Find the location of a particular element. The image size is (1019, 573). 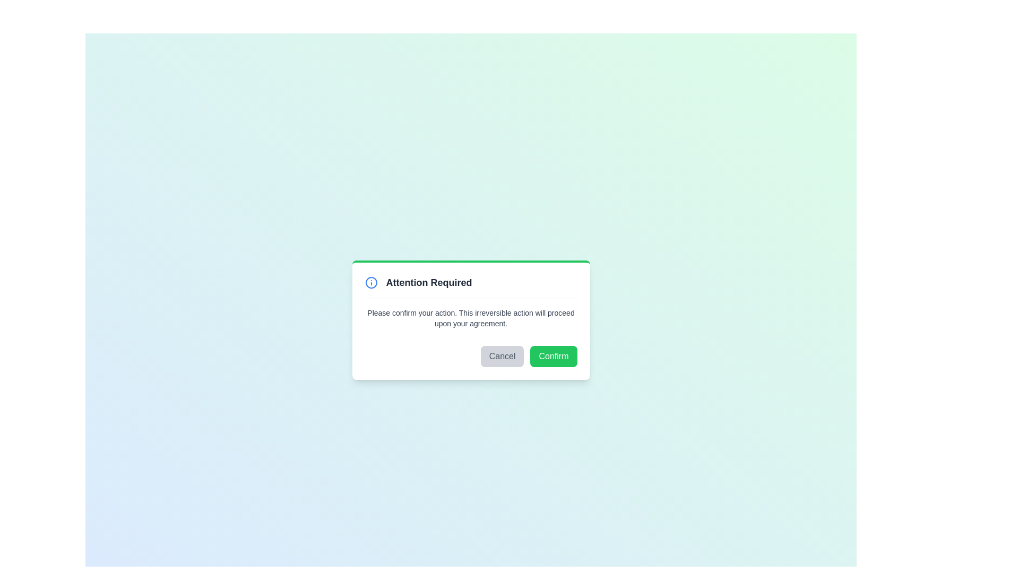

the informational text block located beneath the 'Attention Required' title in the confirmation dialog is located at coordinates (470, 317).